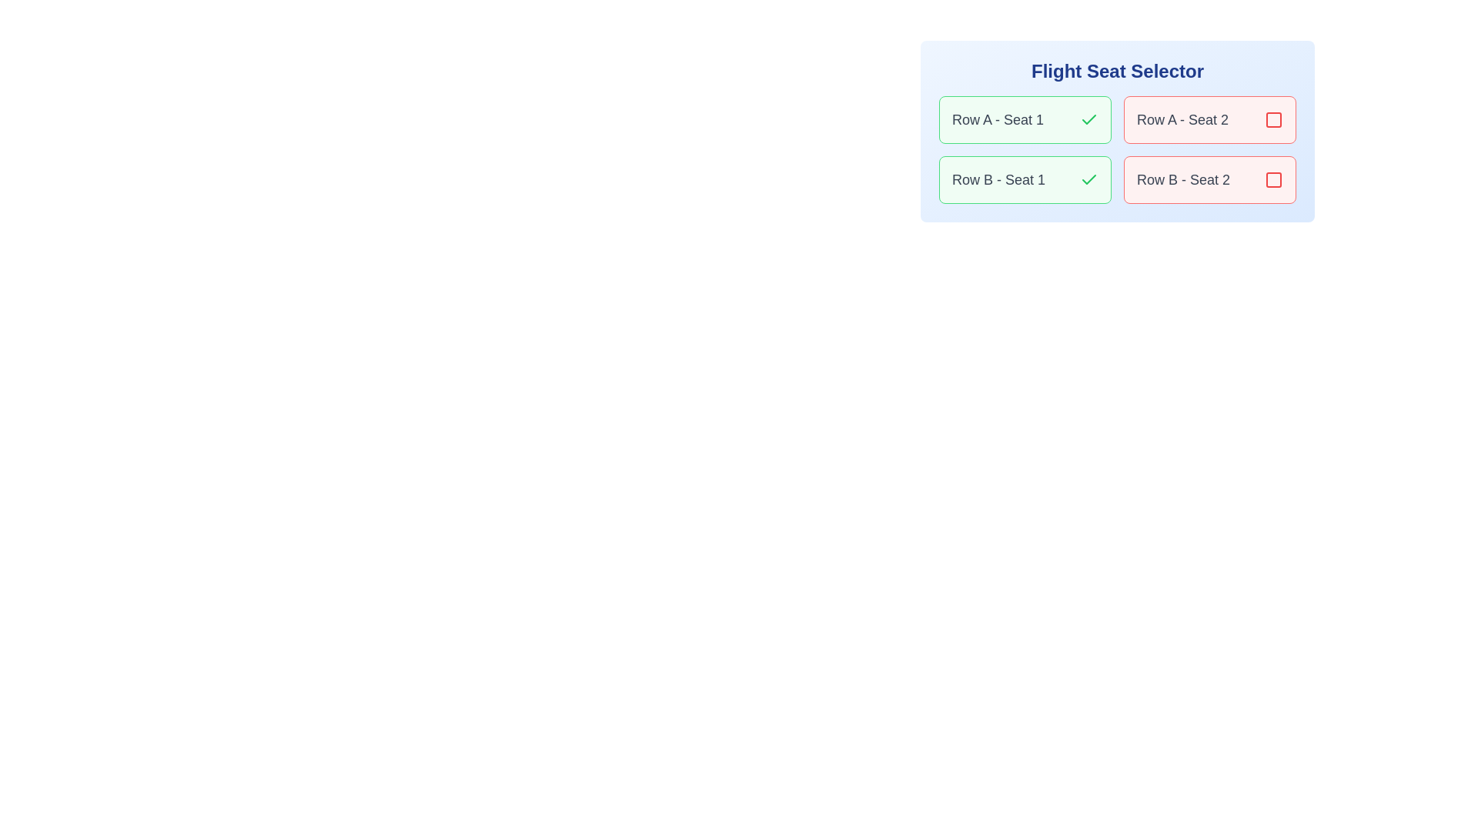 This screenshot has width=1478, height=831. What do you see at coordinates (1025, 118) in the screenshot?
I see `the selectable item with indicator for 'Row A - Seat 1', which features a light green background, a green border, and a green checkmark icon indicating its selection status` at bounding box center [1025, 118].